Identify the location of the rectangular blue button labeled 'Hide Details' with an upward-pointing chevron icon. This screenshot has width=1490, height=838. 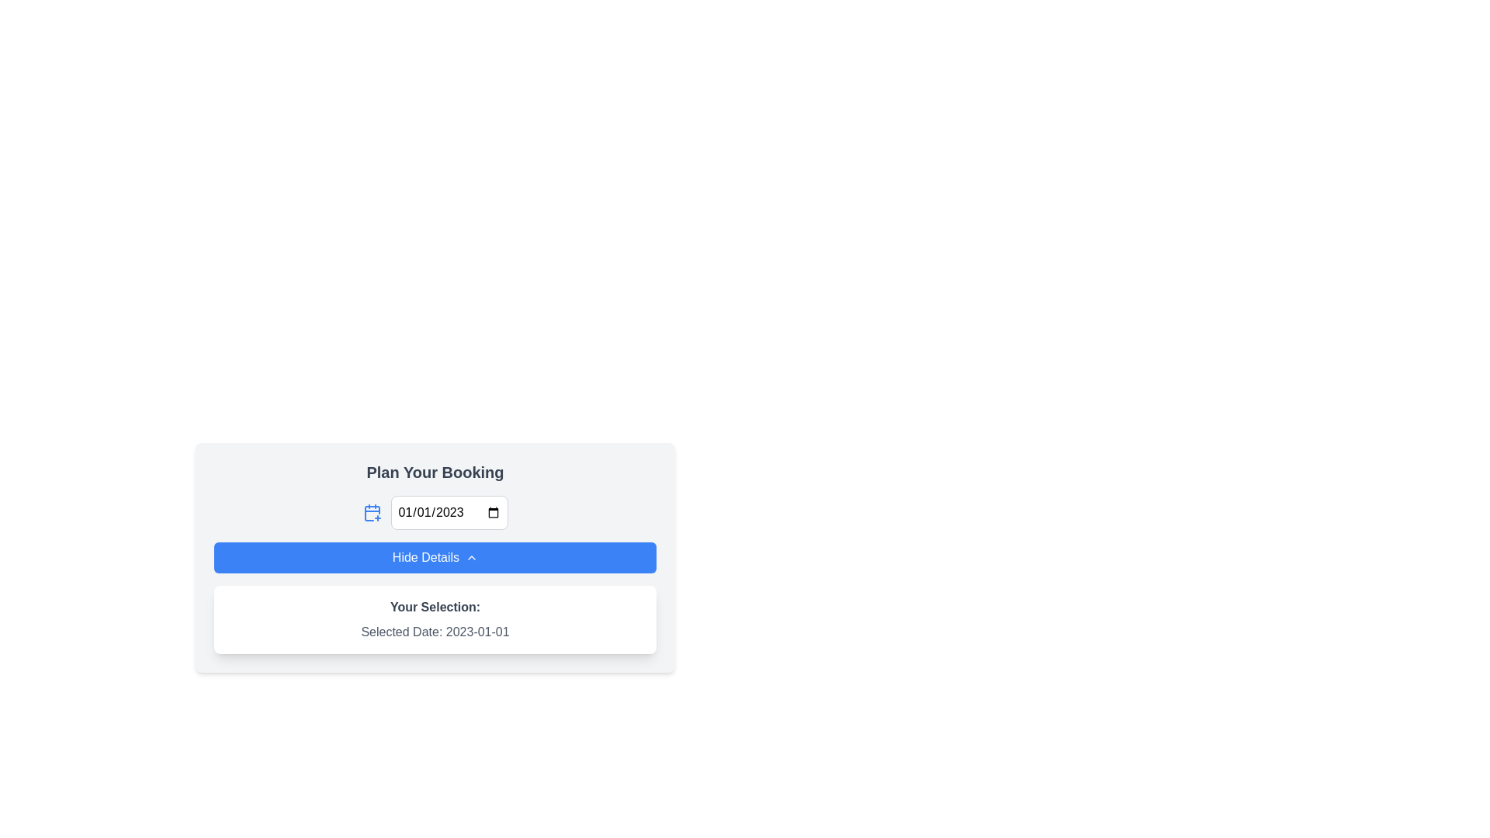
(435, 556).